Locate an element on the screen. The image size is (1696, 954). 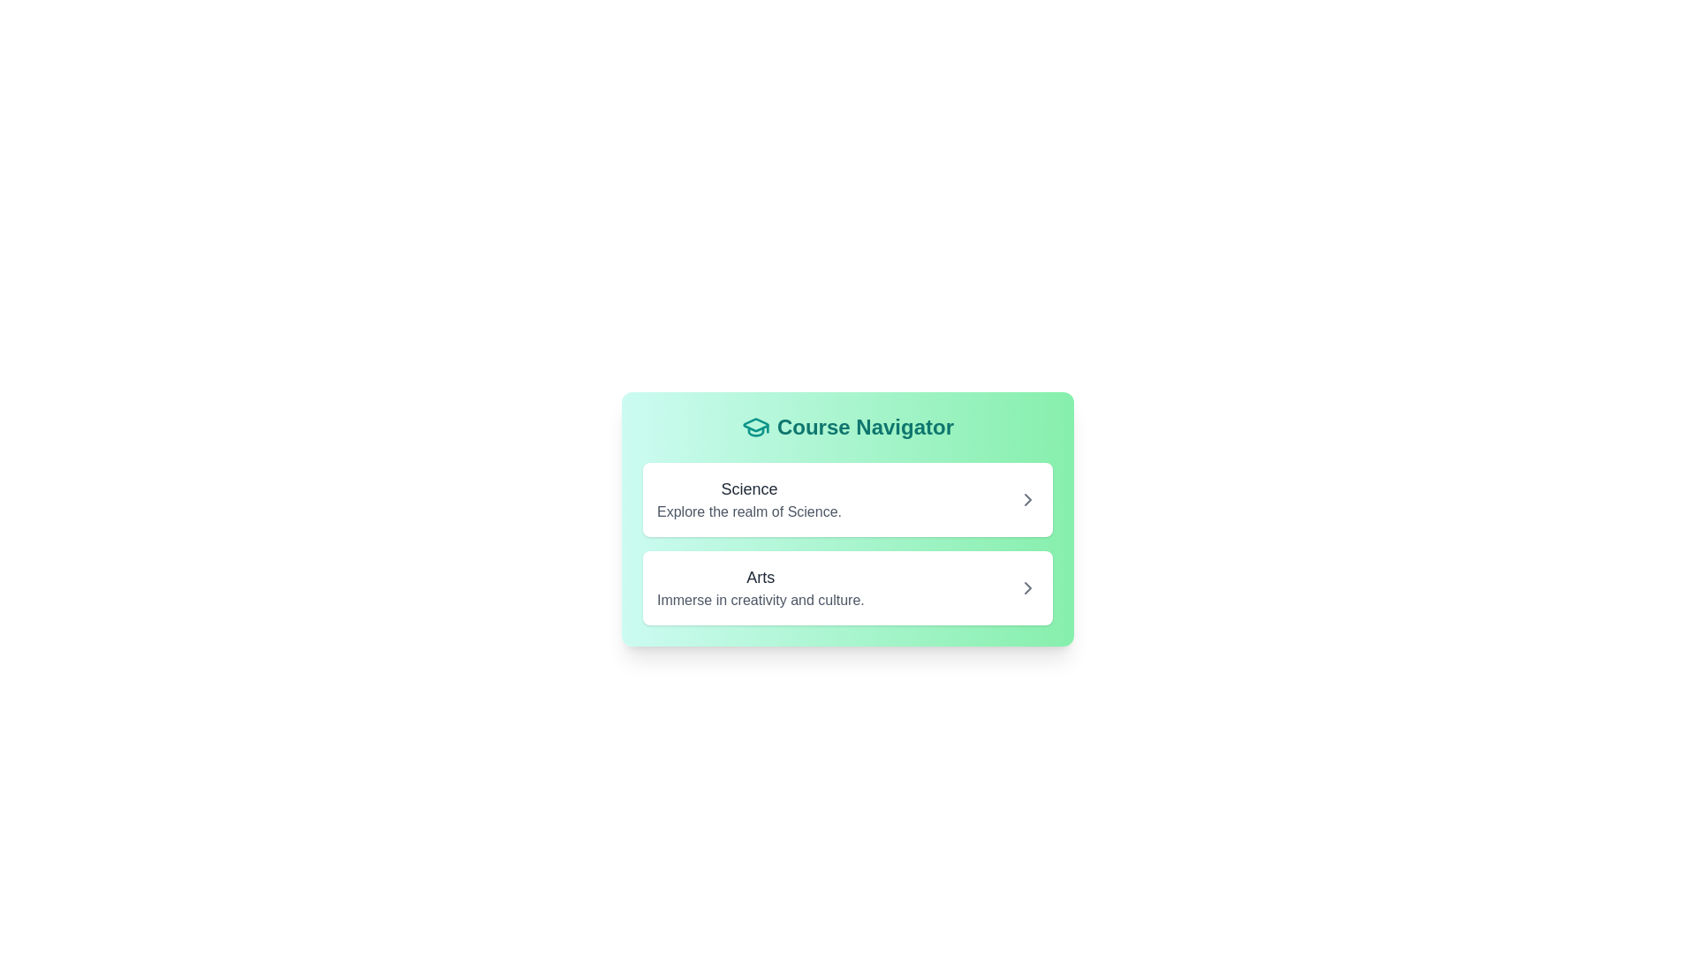
the chevron icon located at the far-right end of the 'Science: Explore the realm of Science' section is located at coordinates (1027, 500).